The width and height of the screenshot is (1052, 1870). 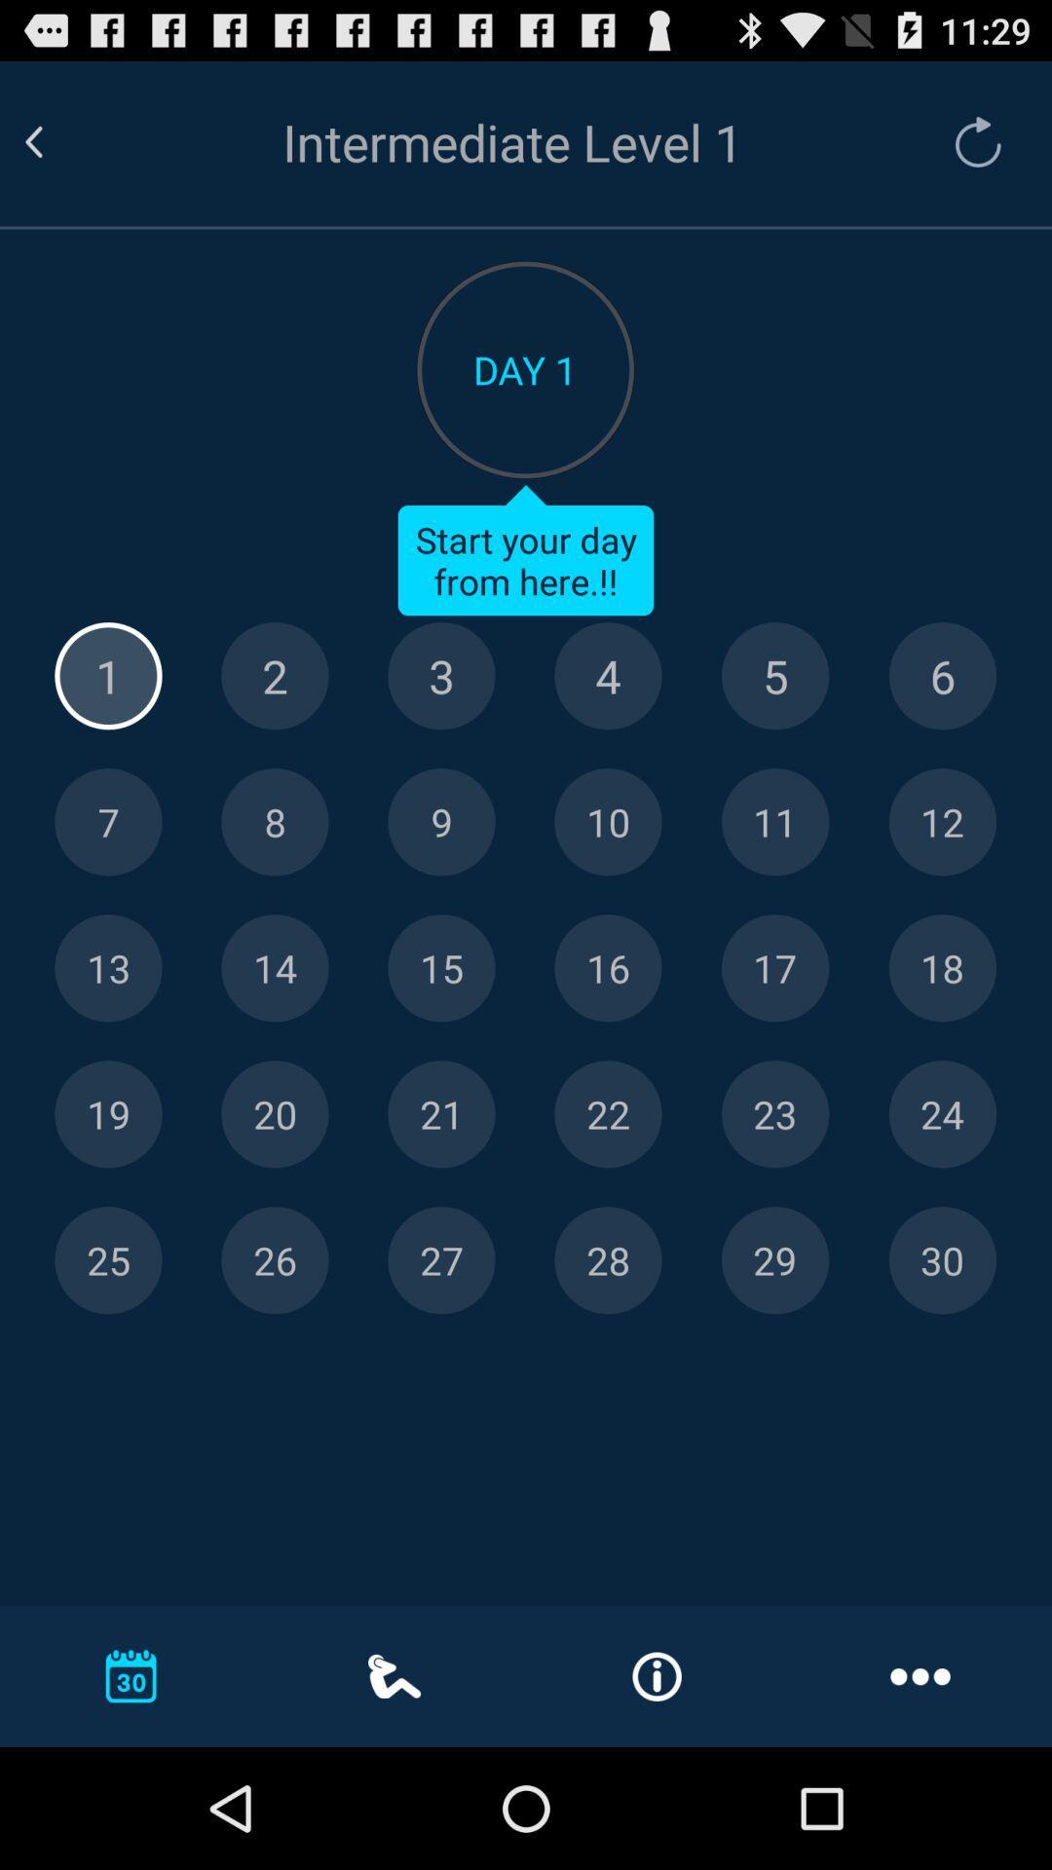 What do you see at coordinates (108, 968) in the screenshot?
I see `day 13 button` at bounding box center [108, 968].